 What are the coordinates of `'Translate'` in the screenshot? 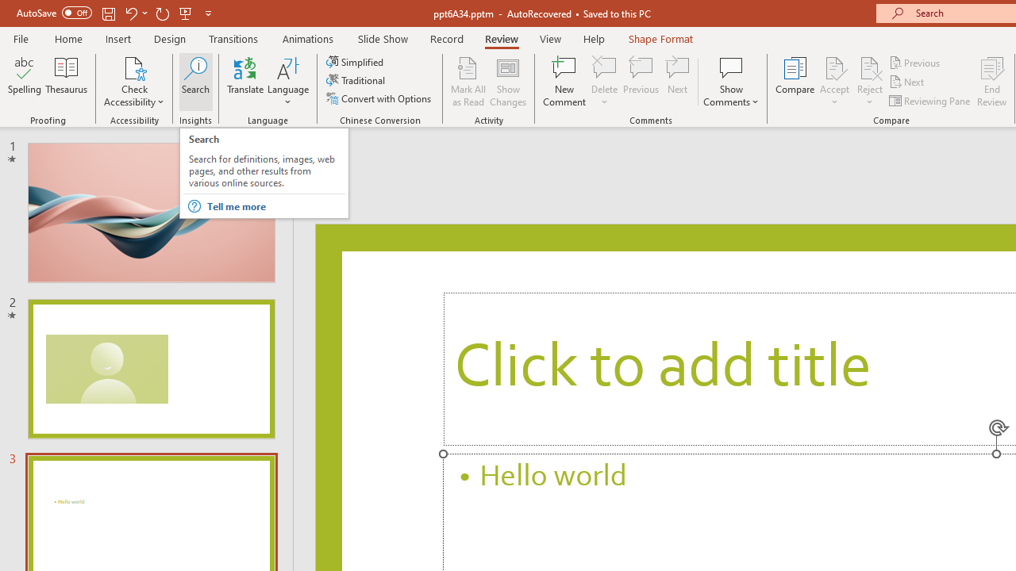 It's located at (244, 82).